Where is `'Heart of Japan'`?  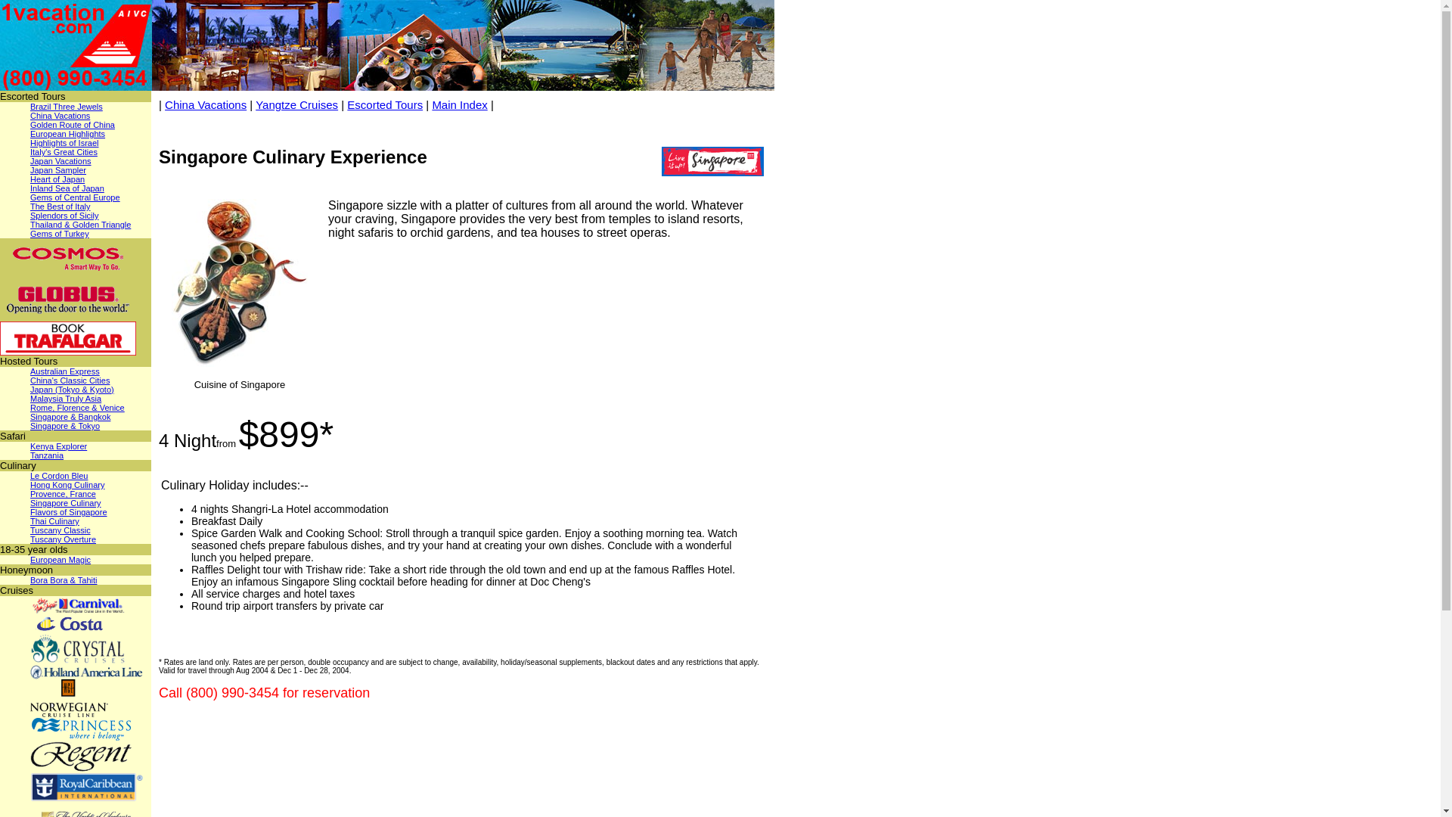 'Heart of Japan' is located at coordinates (57, 178).